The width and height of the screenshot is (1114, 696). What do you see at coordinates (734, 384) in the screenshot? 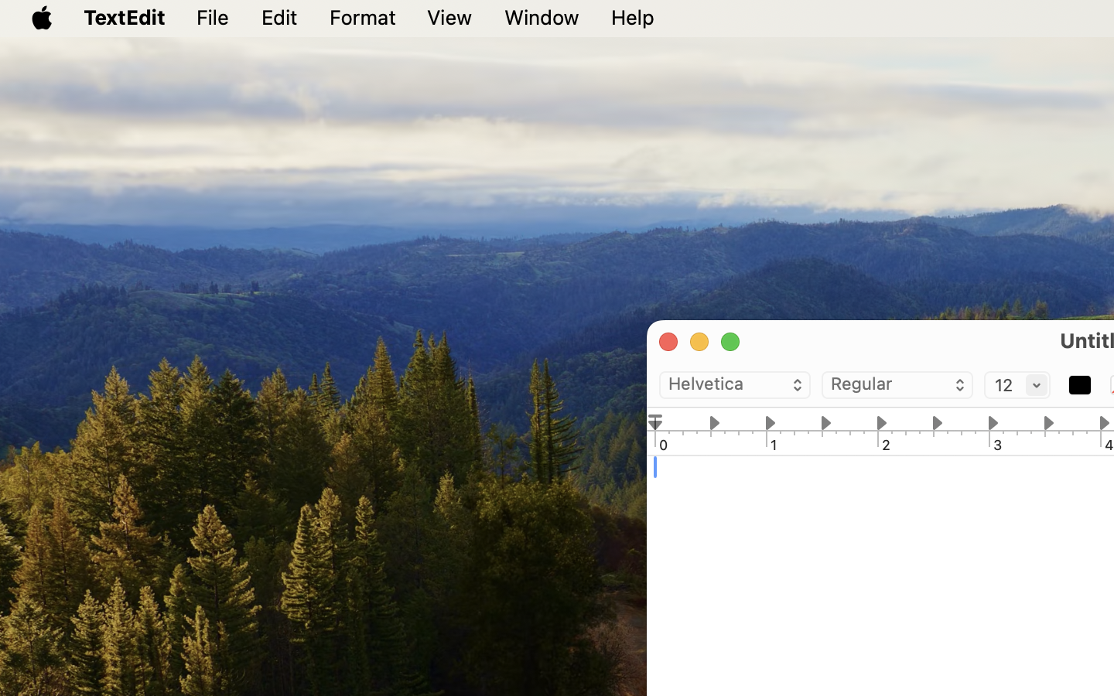
I see `'Helvetica'` at bounding box center [734, 384].